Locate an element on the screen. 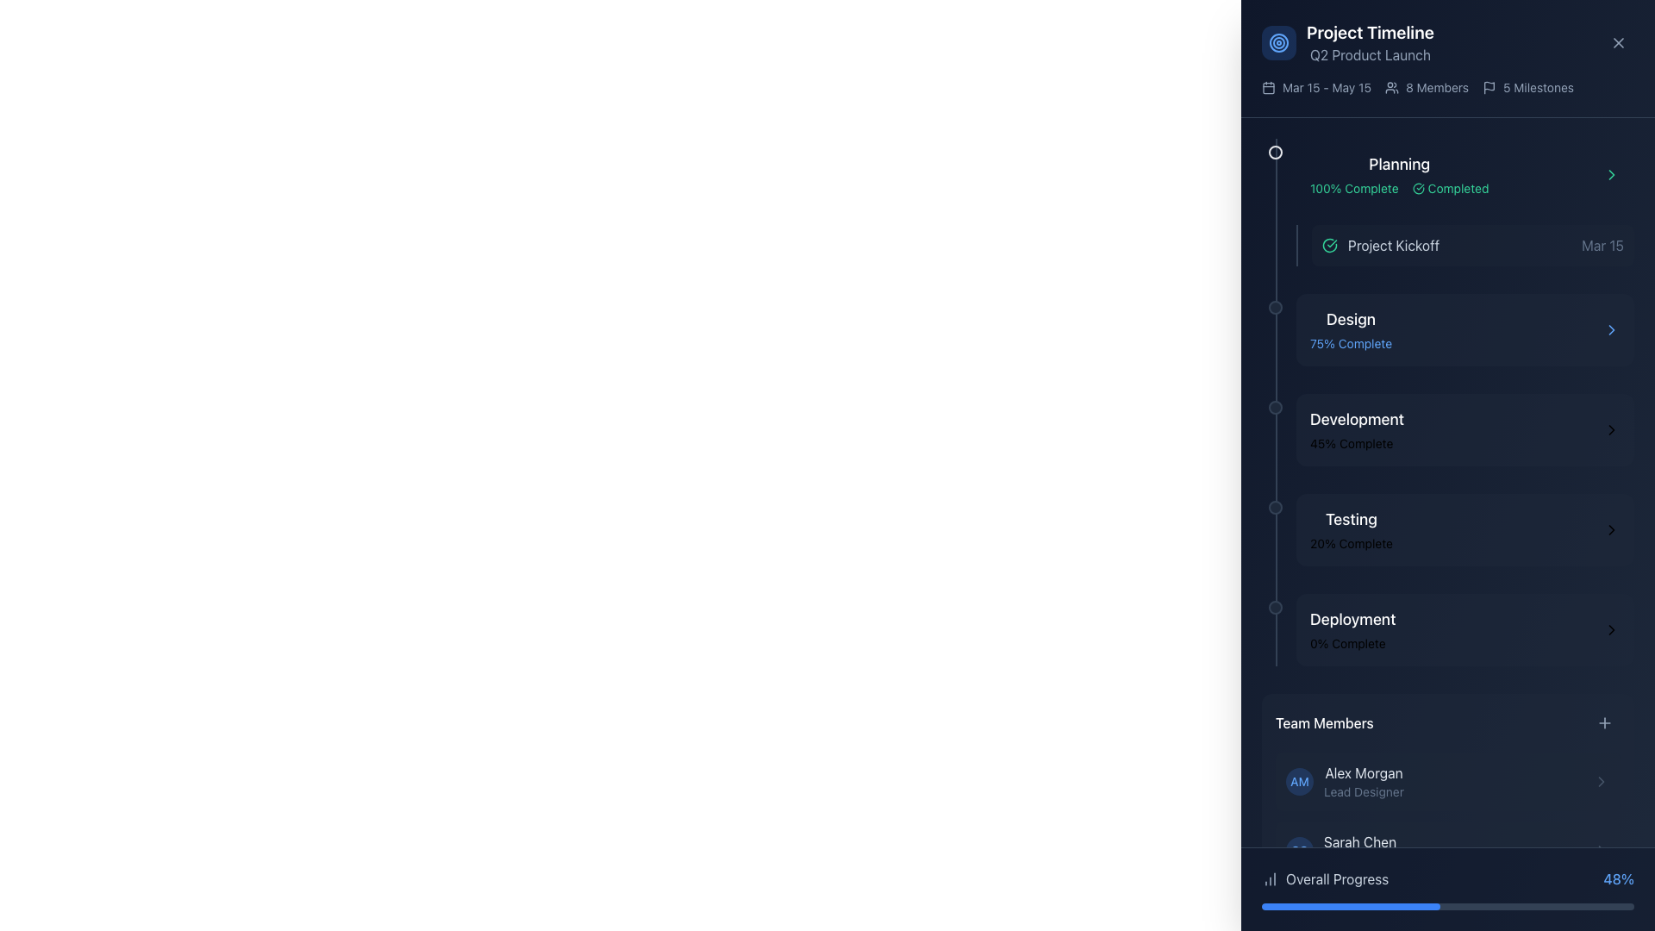 Image resolution: width=1655 pixels, height=931 pixels. the filled portion of the progress bar located in the 'Overall Progress' section at the bottom of the page is located at coordinates (1350, 906).